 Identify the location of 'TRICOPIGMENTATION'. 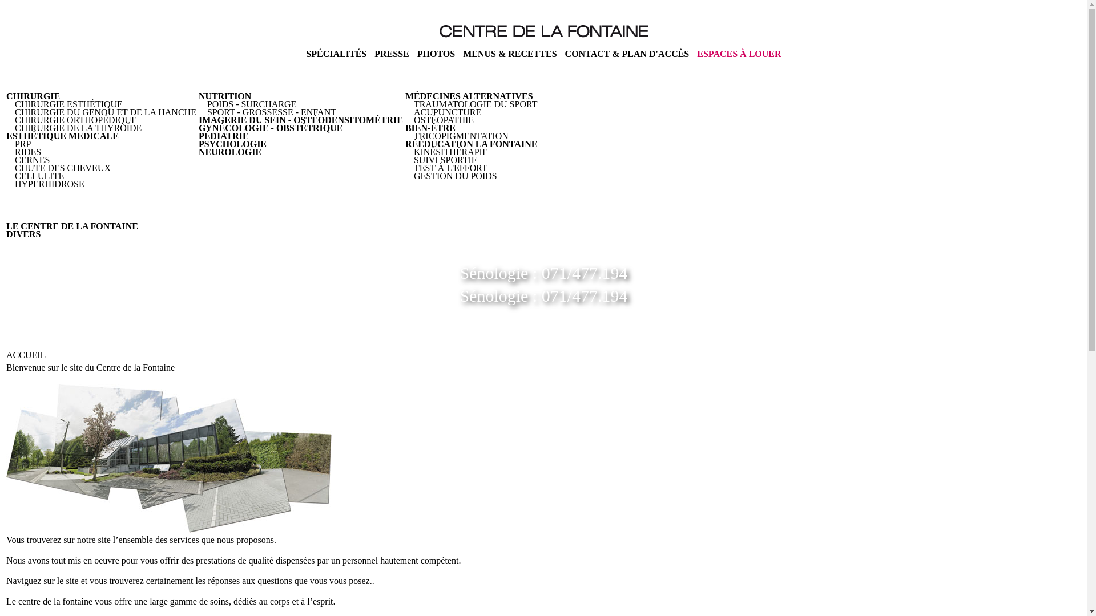
(461, 135).